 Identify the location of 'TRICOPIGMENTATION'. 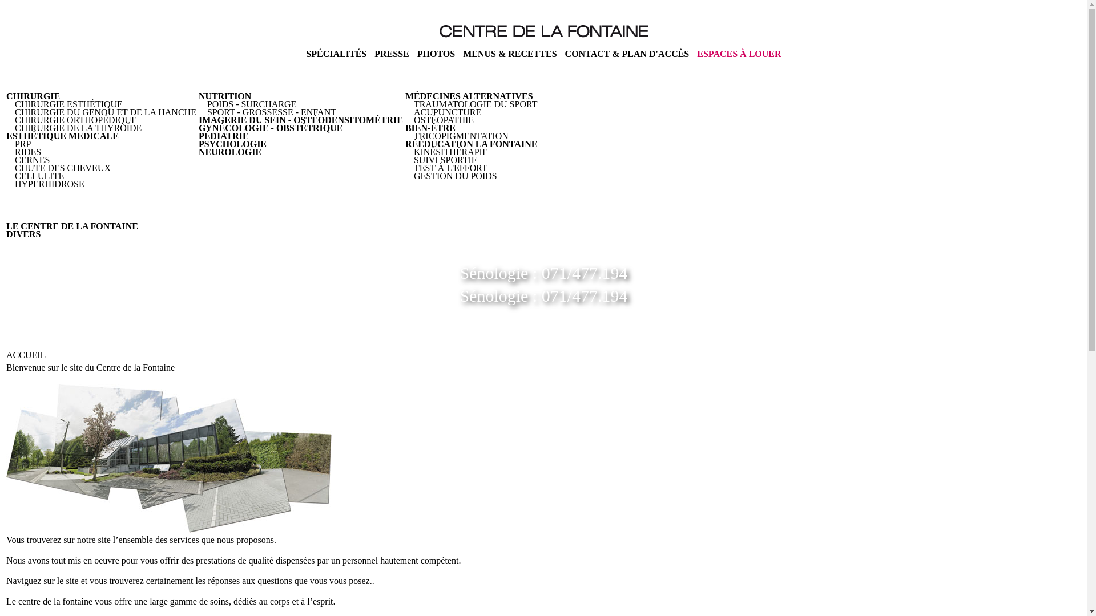
(461, 135).